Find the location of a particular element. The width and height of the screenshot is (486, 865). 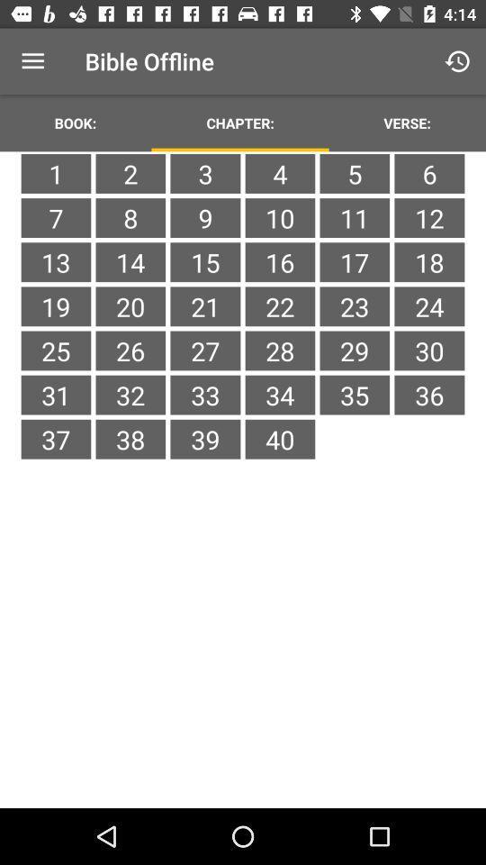

the icon to the left of the chapter: item is located at coordinates (75, 122).